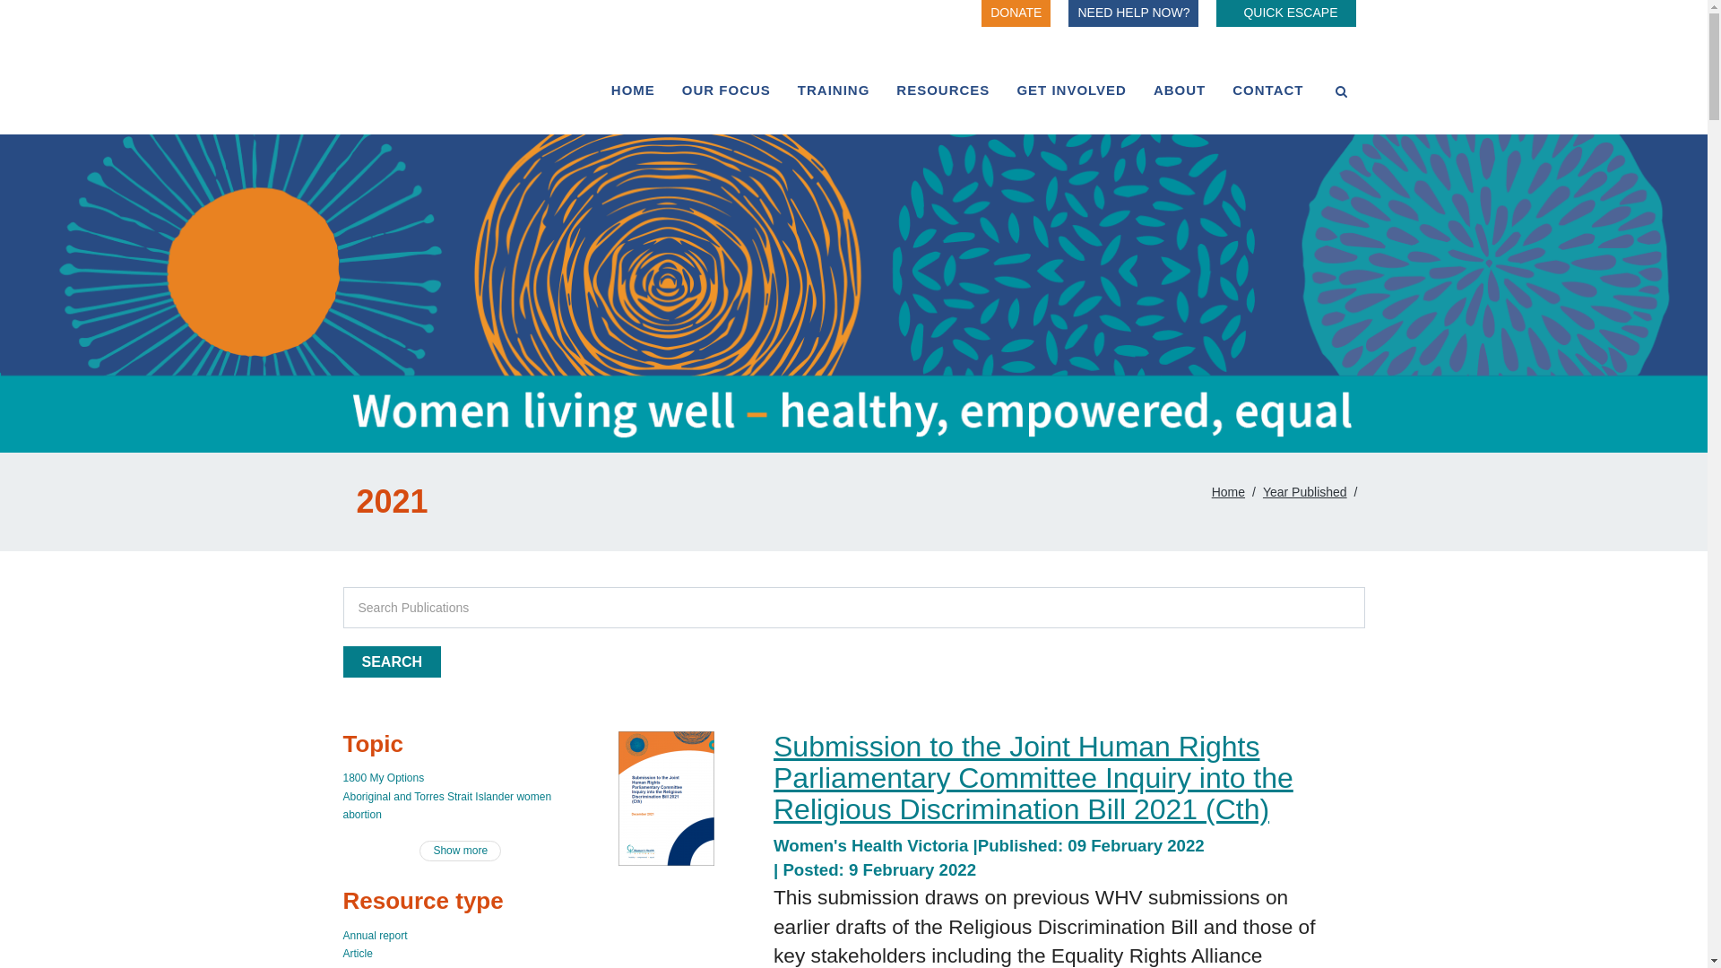  I want to click on 'abortion', so click(360, 815).